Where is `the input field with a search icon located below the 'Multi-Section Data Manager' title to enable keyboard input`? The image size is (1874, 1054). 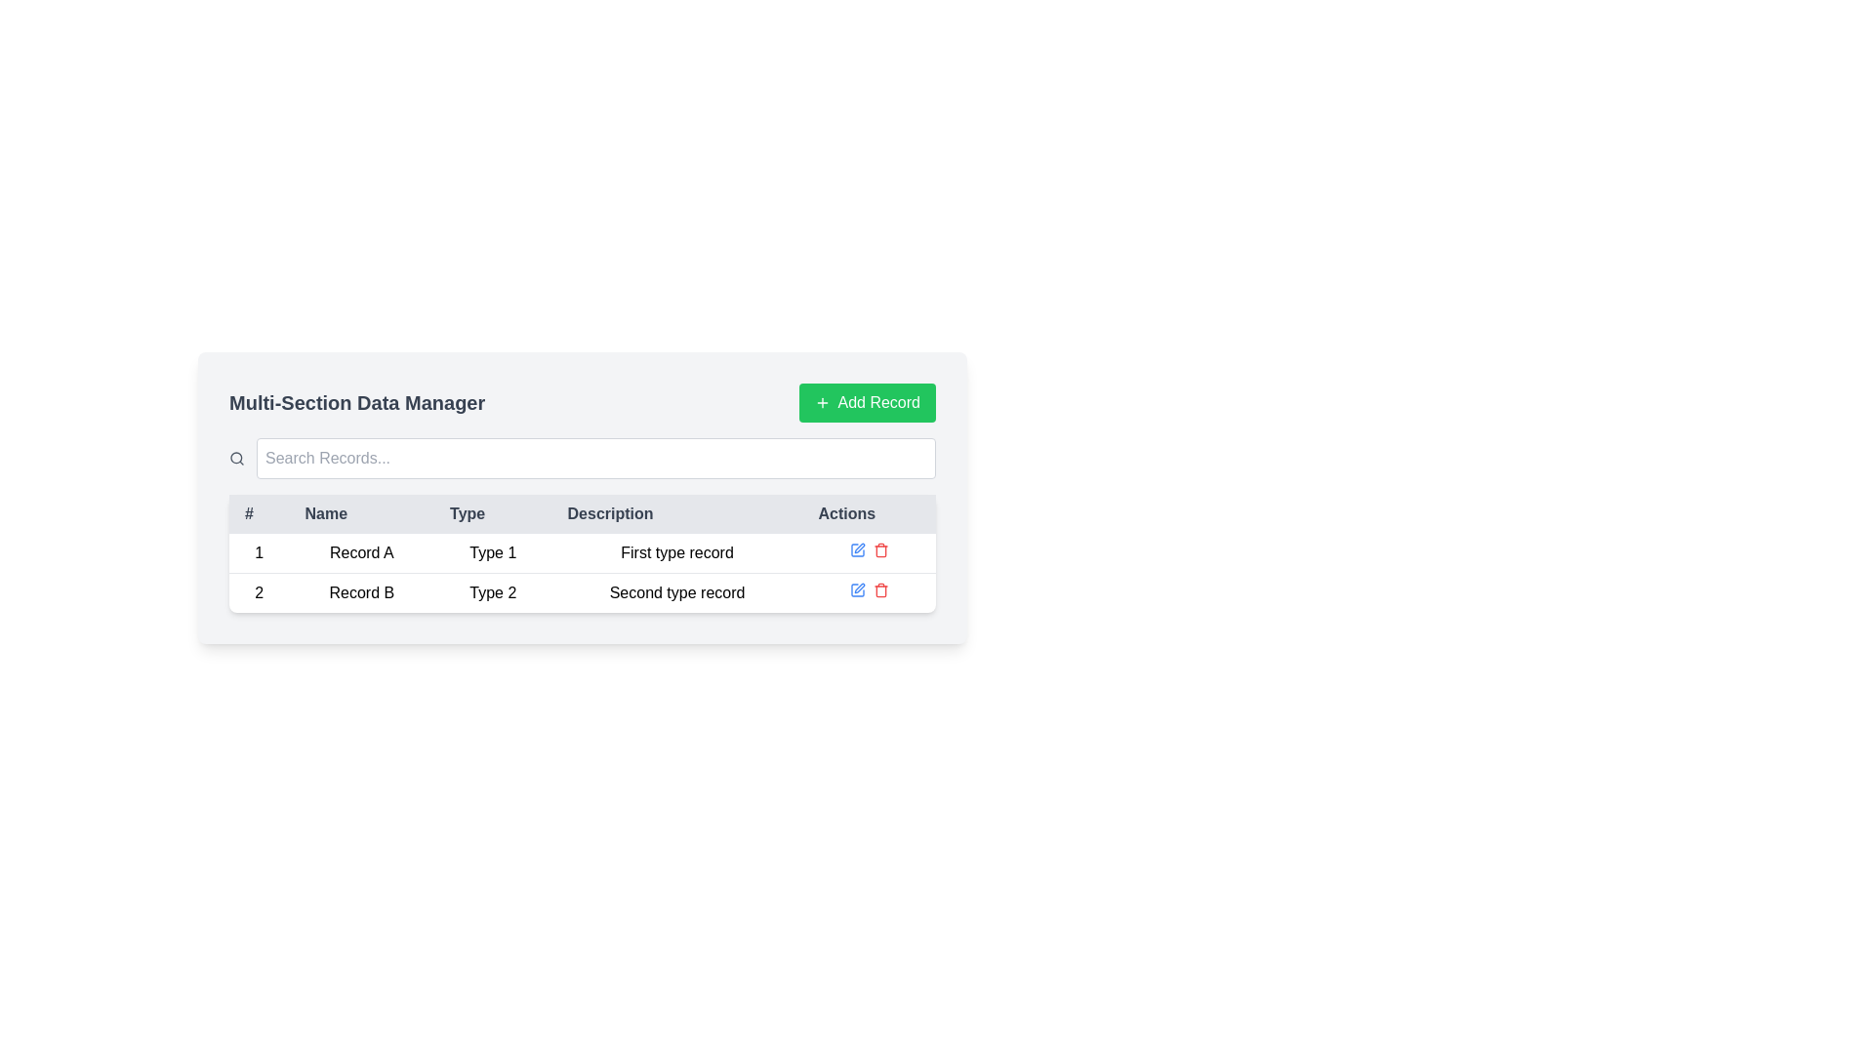 the input field with a search icon located below the 'Multi-Section Data Manager' title to enable keyboard input is located at coordinates (581, 459).